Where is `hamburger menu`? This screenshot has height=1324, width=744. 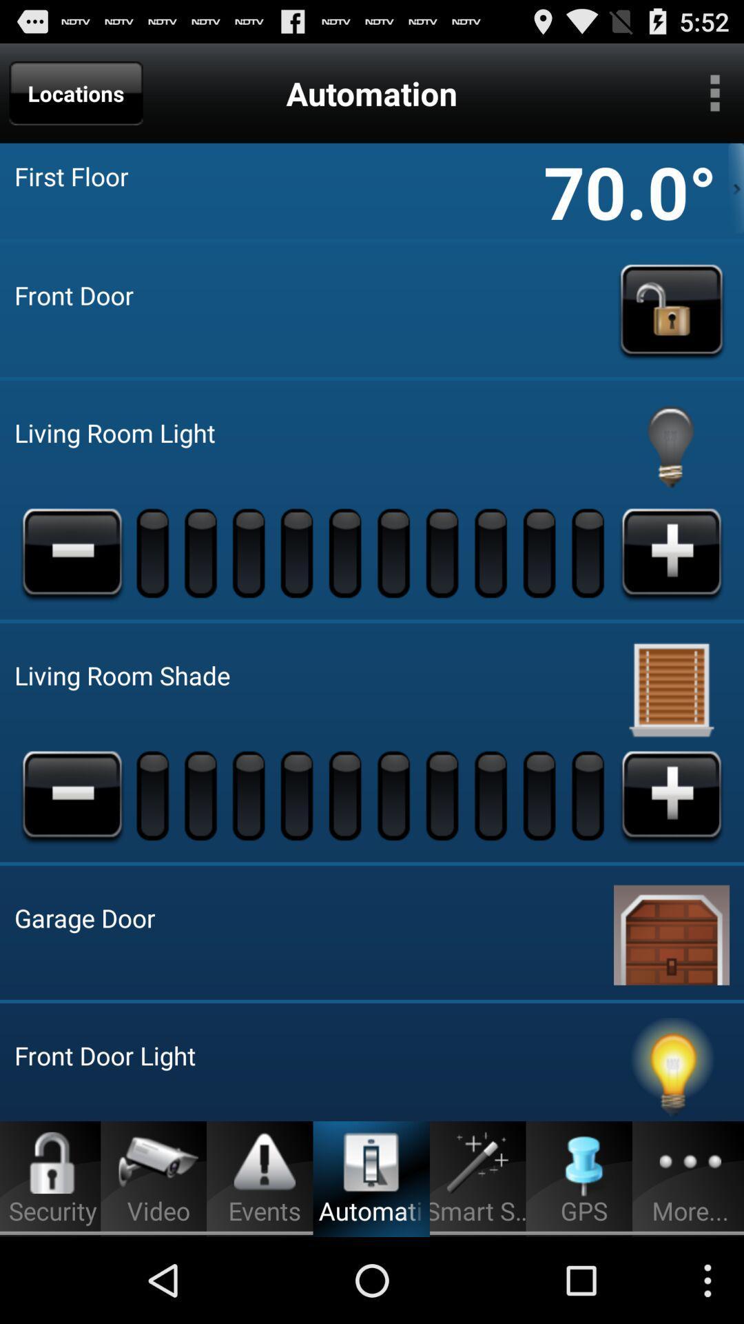 hamburger menu is located at coordinates (714, 92).